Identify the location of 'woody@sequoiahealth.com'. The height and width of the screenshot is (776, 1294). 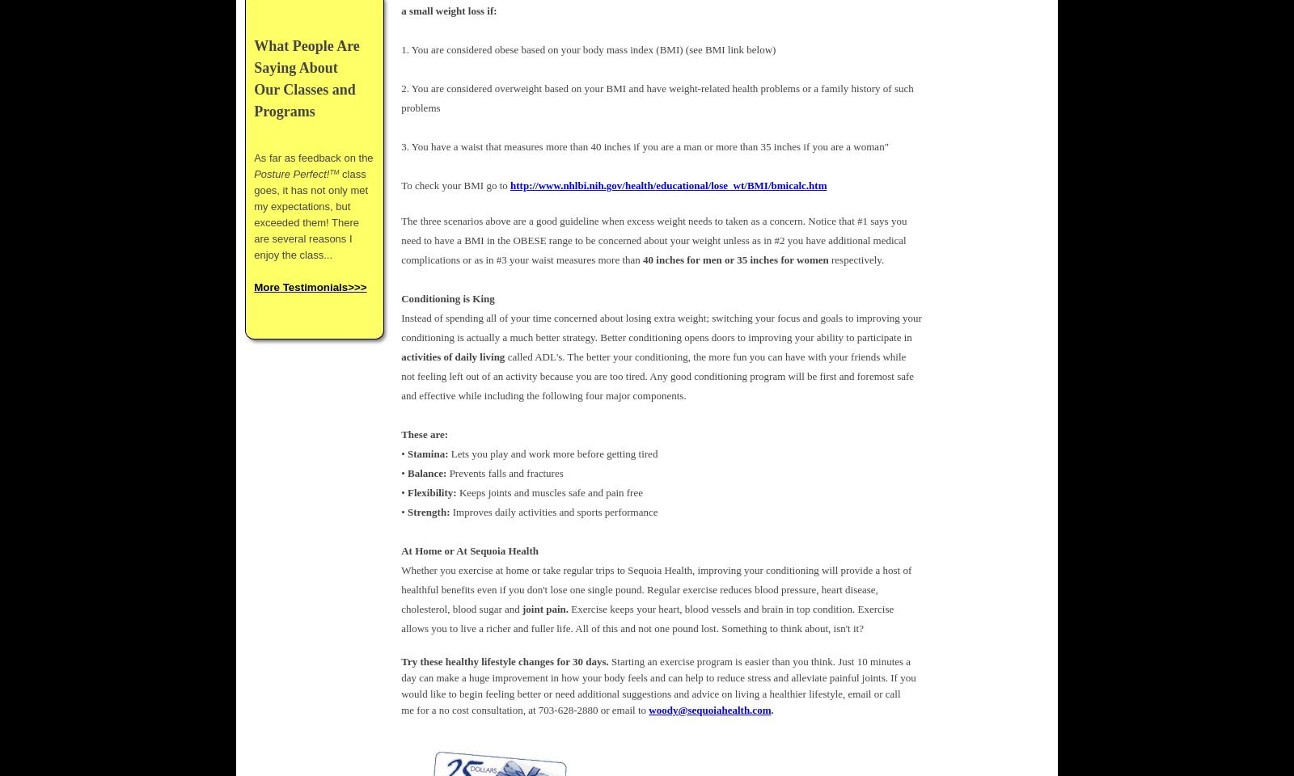
(708, 708).